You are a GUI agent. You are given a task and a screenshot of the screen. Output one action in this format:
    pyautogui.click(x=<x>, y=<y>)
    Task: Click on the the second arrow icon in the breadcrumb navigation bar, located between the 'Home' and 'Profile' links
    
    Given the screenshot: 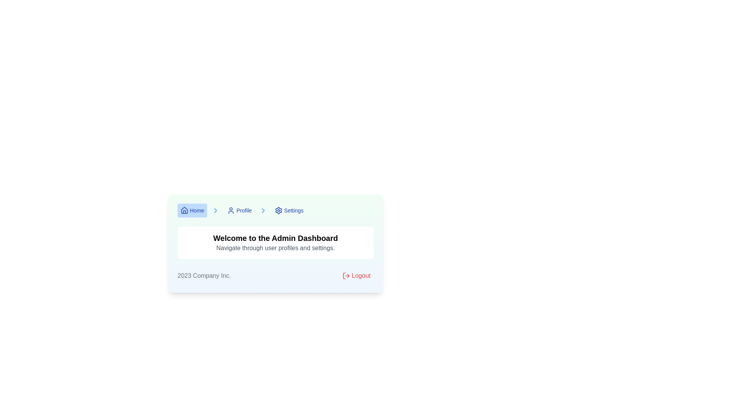 What is the action you would take?
    pyautogui.click(x=263, y=210)
    